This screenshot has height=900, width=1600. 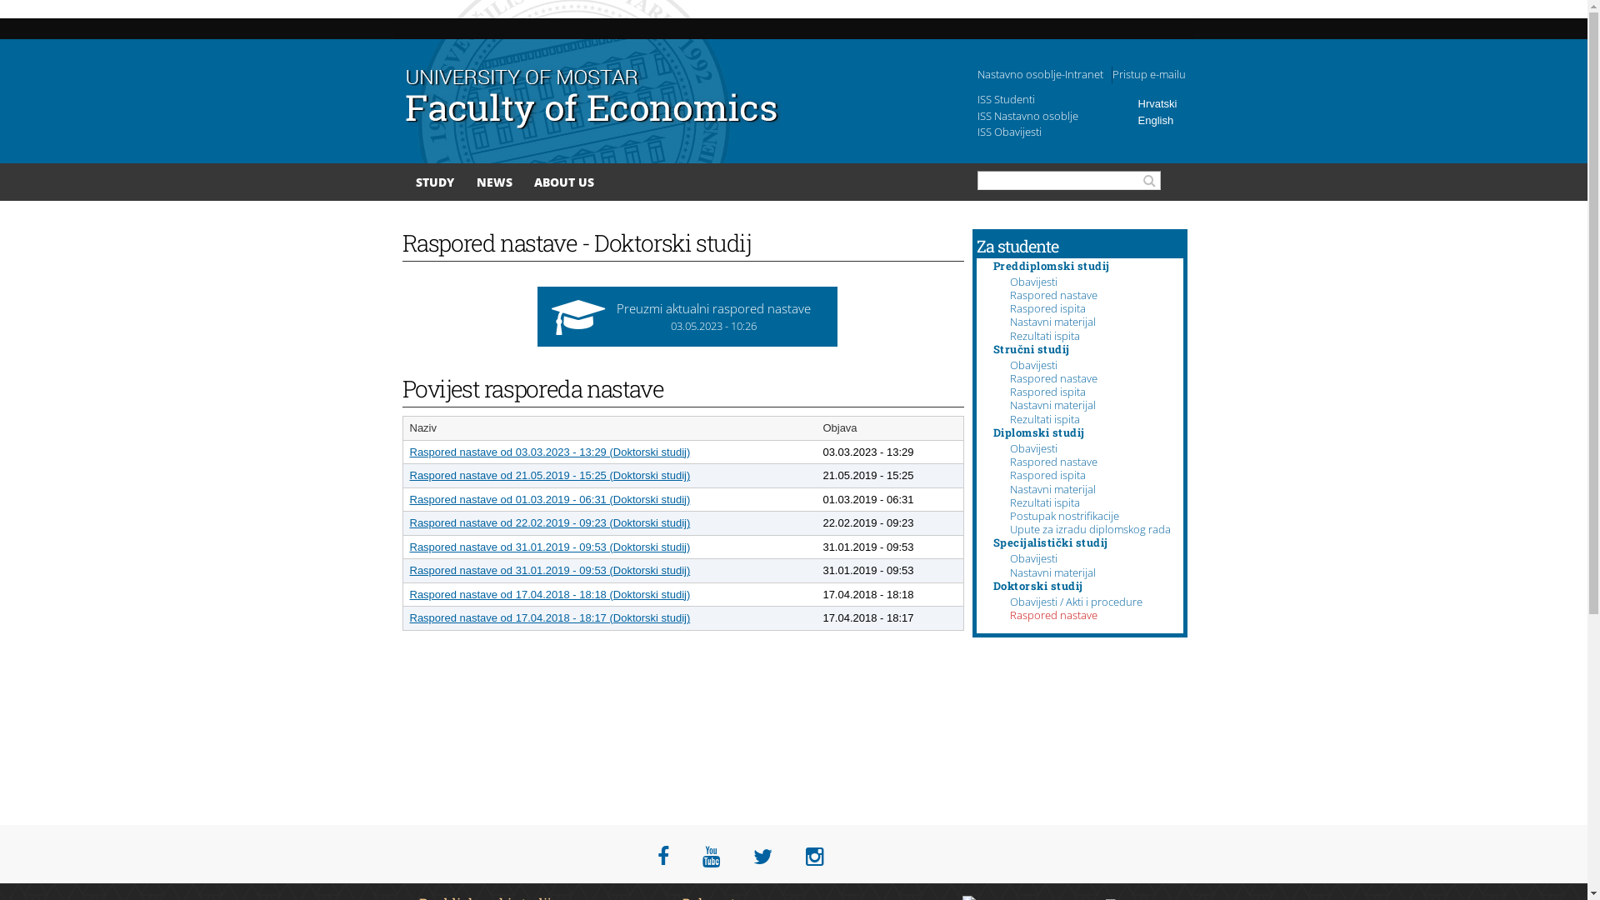 What do you see at coordinates (1038, 72) in the screenshot?
I see `'Nastavno osoblje-Intranet'` at bounding box center [1038, 72].